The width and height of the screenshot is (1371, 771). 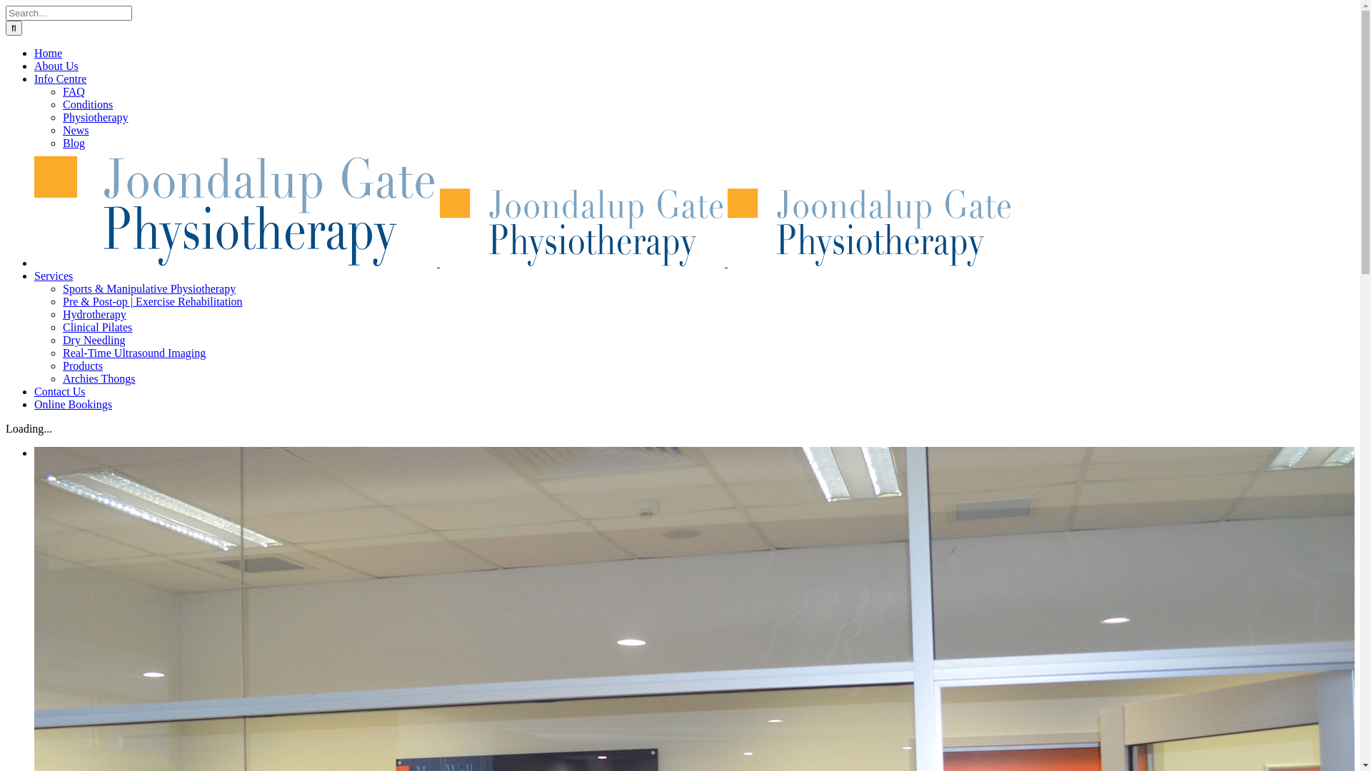 What do you see at coordinates (74, 130) in the screenshot?
I see `'News'` at bounding box center [74, 130].